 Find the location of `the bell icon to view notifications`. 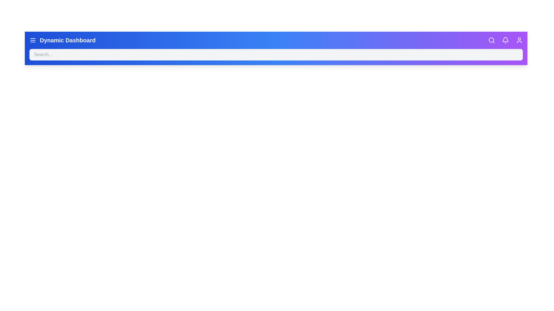

the bell icon to view notifications is located at coordinates (505, 40).